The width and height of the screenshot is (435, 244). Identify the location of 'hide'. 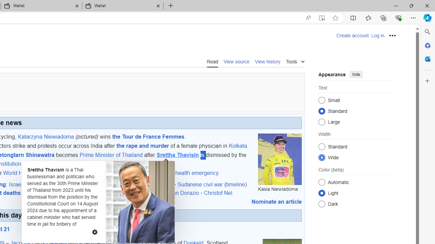
(356, 74).